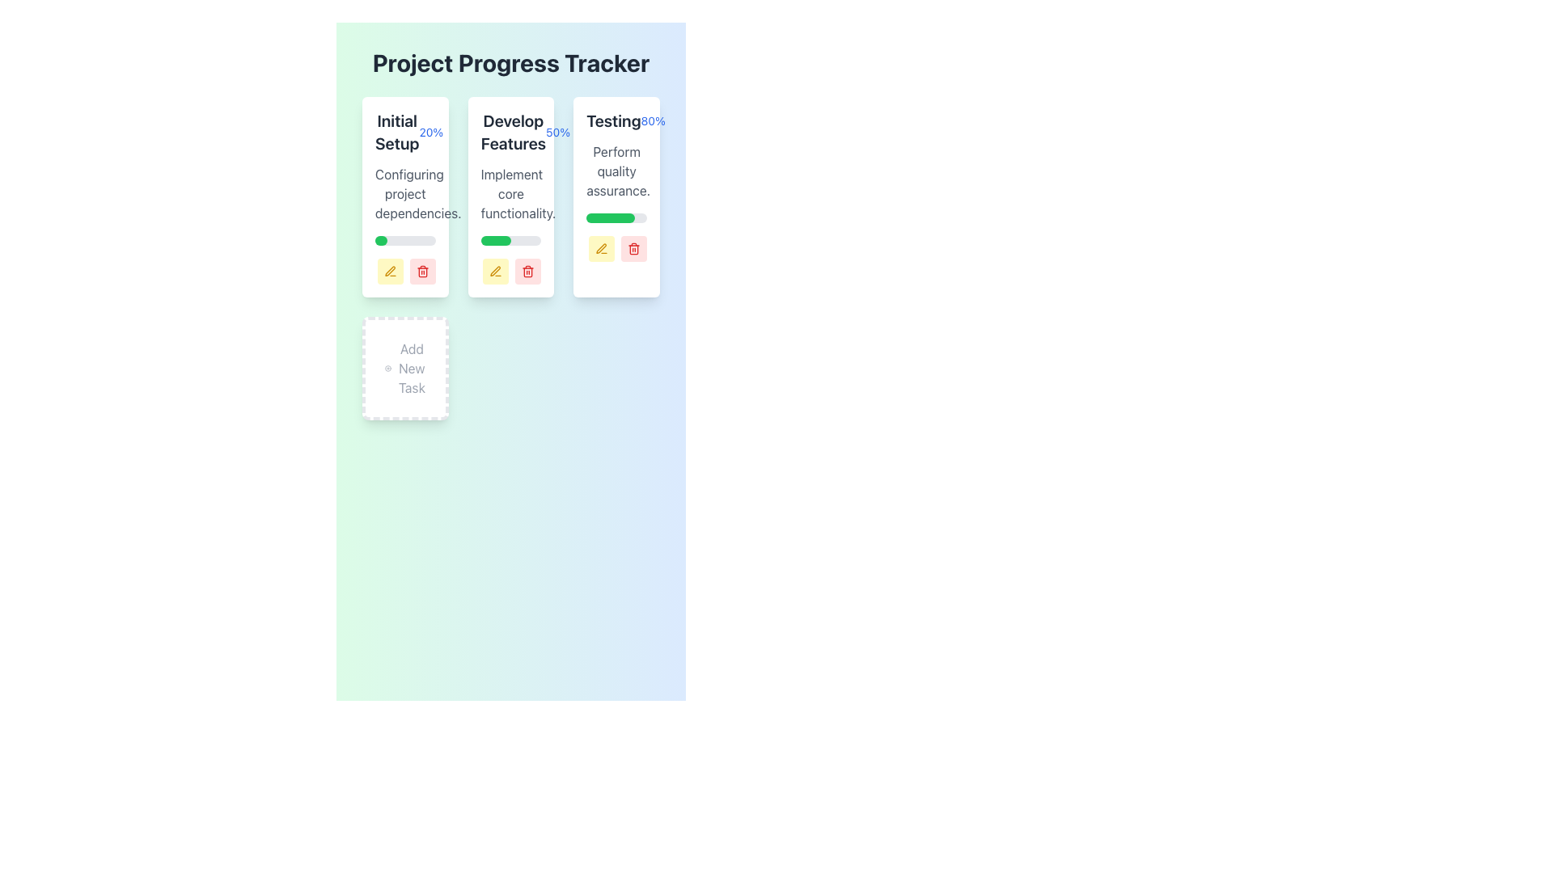 The image size is (1553, 873). Describe the element at coordinates (633, 249) in the screenshot. I see `the trash can icon button located at the bottom right corner of the 'Testing' card` at that location.